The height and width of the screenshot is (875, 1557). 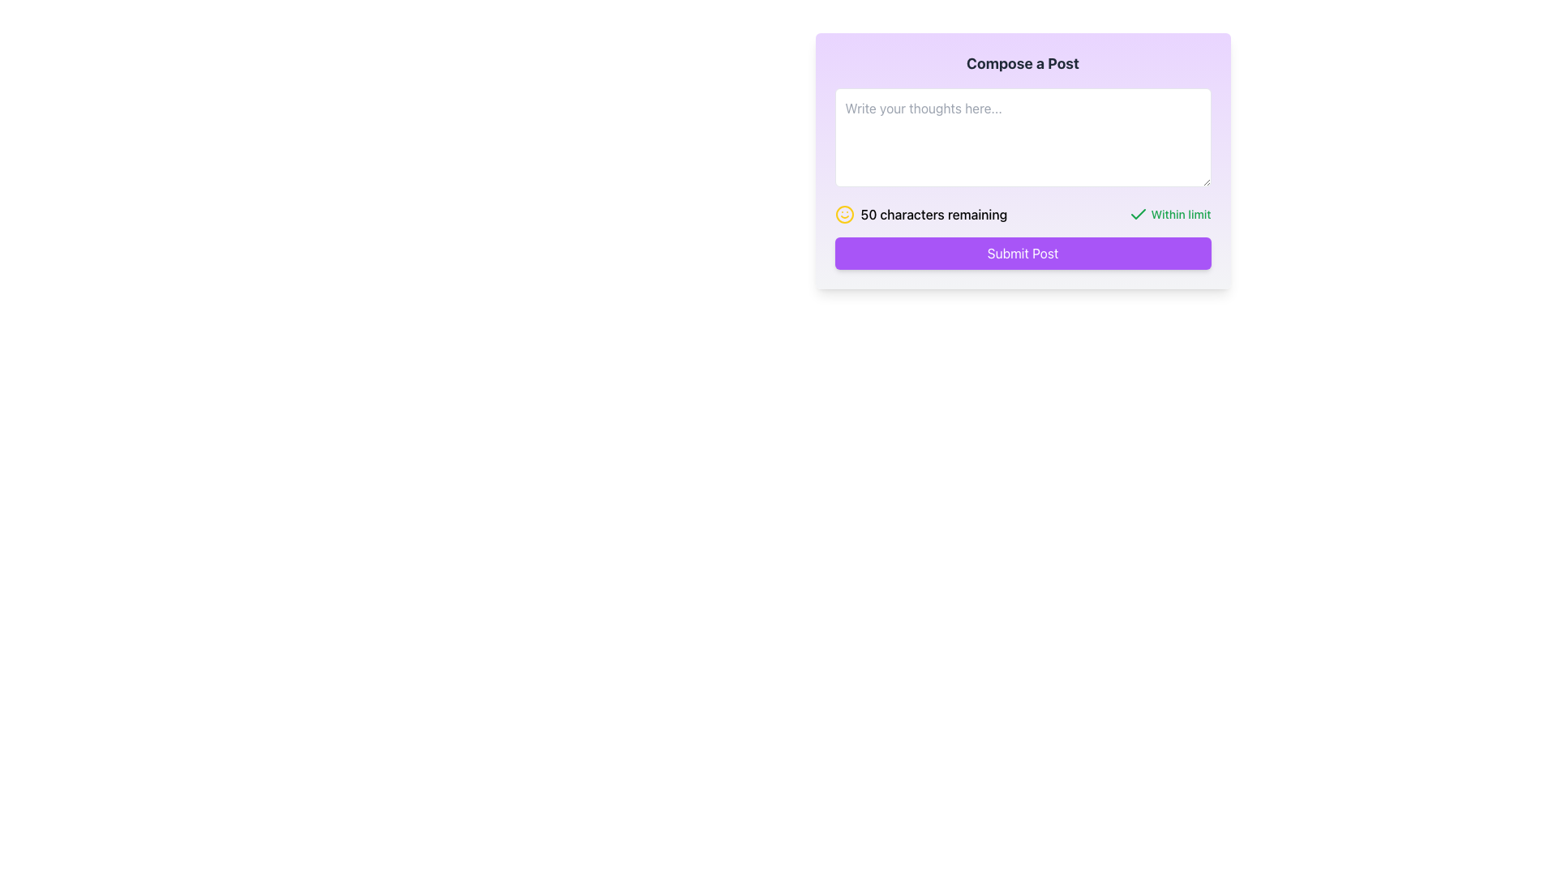 I want to click on the text display element that shows the remaining character count, located beneath the text area and to the right of a smiley icon, so click(x=933, y=214).